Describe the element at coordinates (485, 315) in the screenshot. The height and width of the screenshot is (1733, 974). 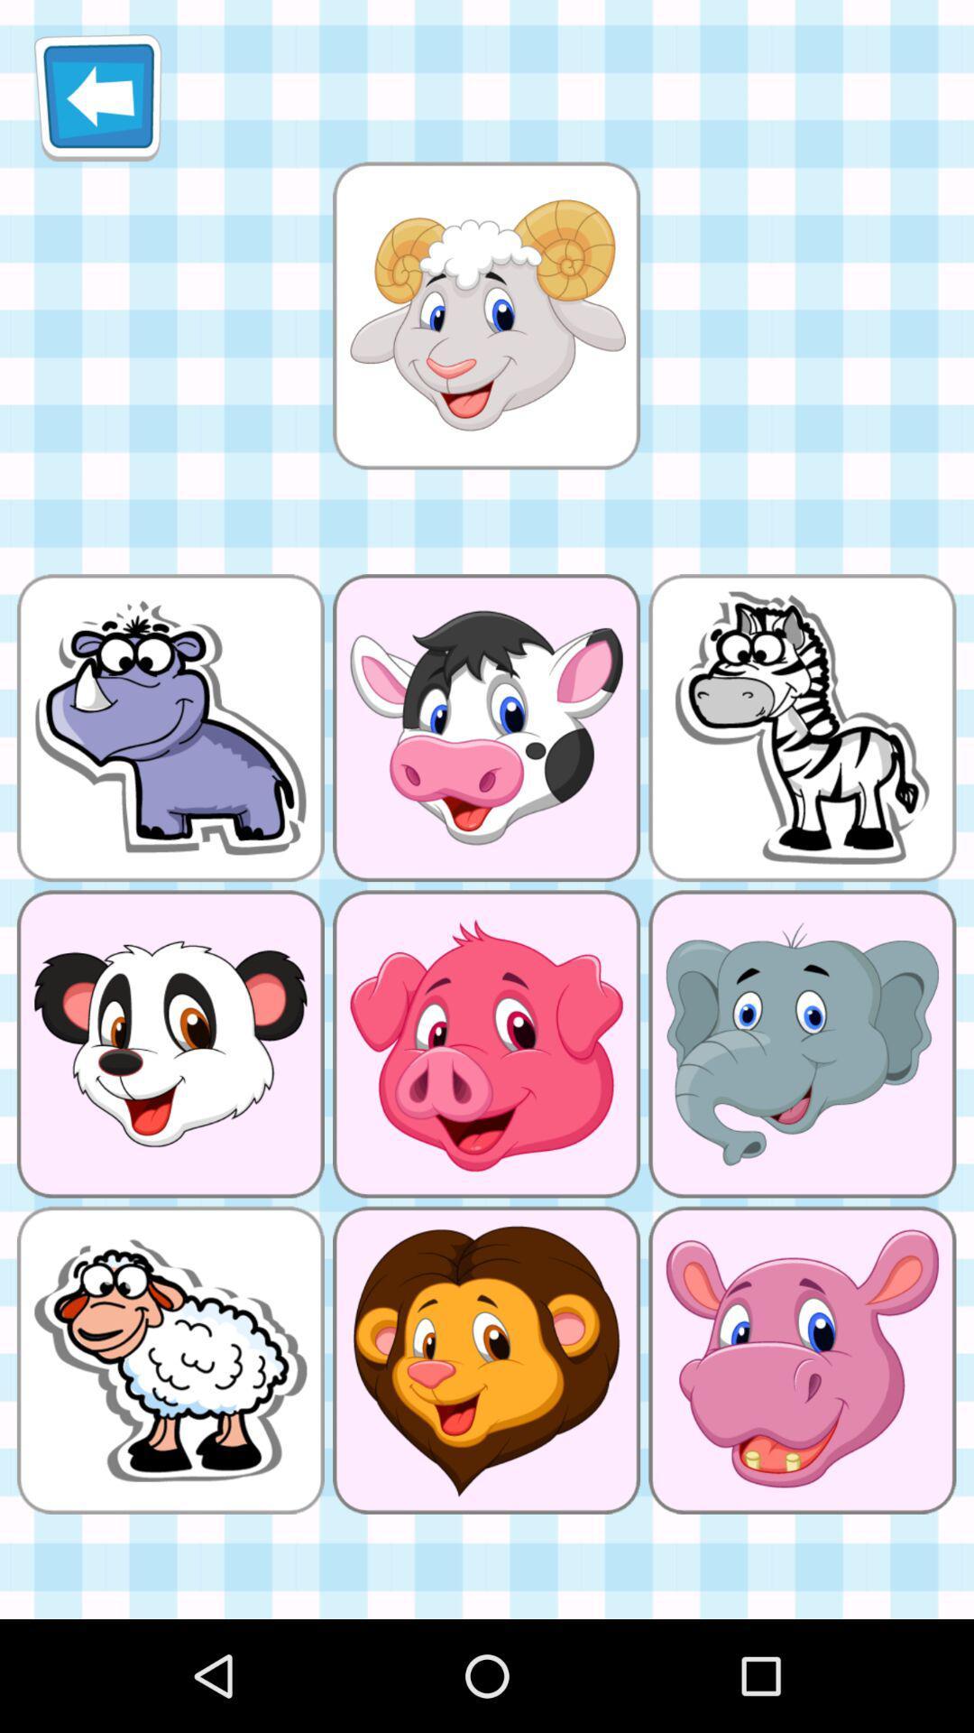
I see `avatar` at that location.